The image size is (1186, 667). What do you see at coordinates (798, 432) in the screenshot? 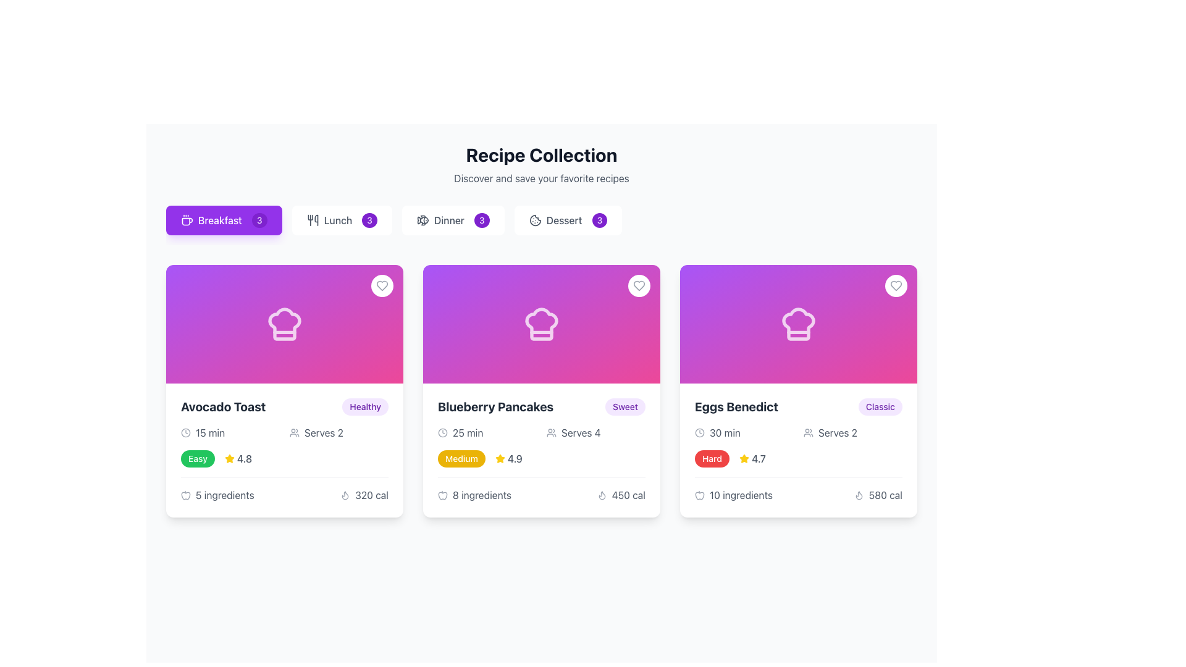
I see `the informational UI component displaying the preparation time and servings for the 'Eggs Benedict' recipe` at bounding box center [798, 432].